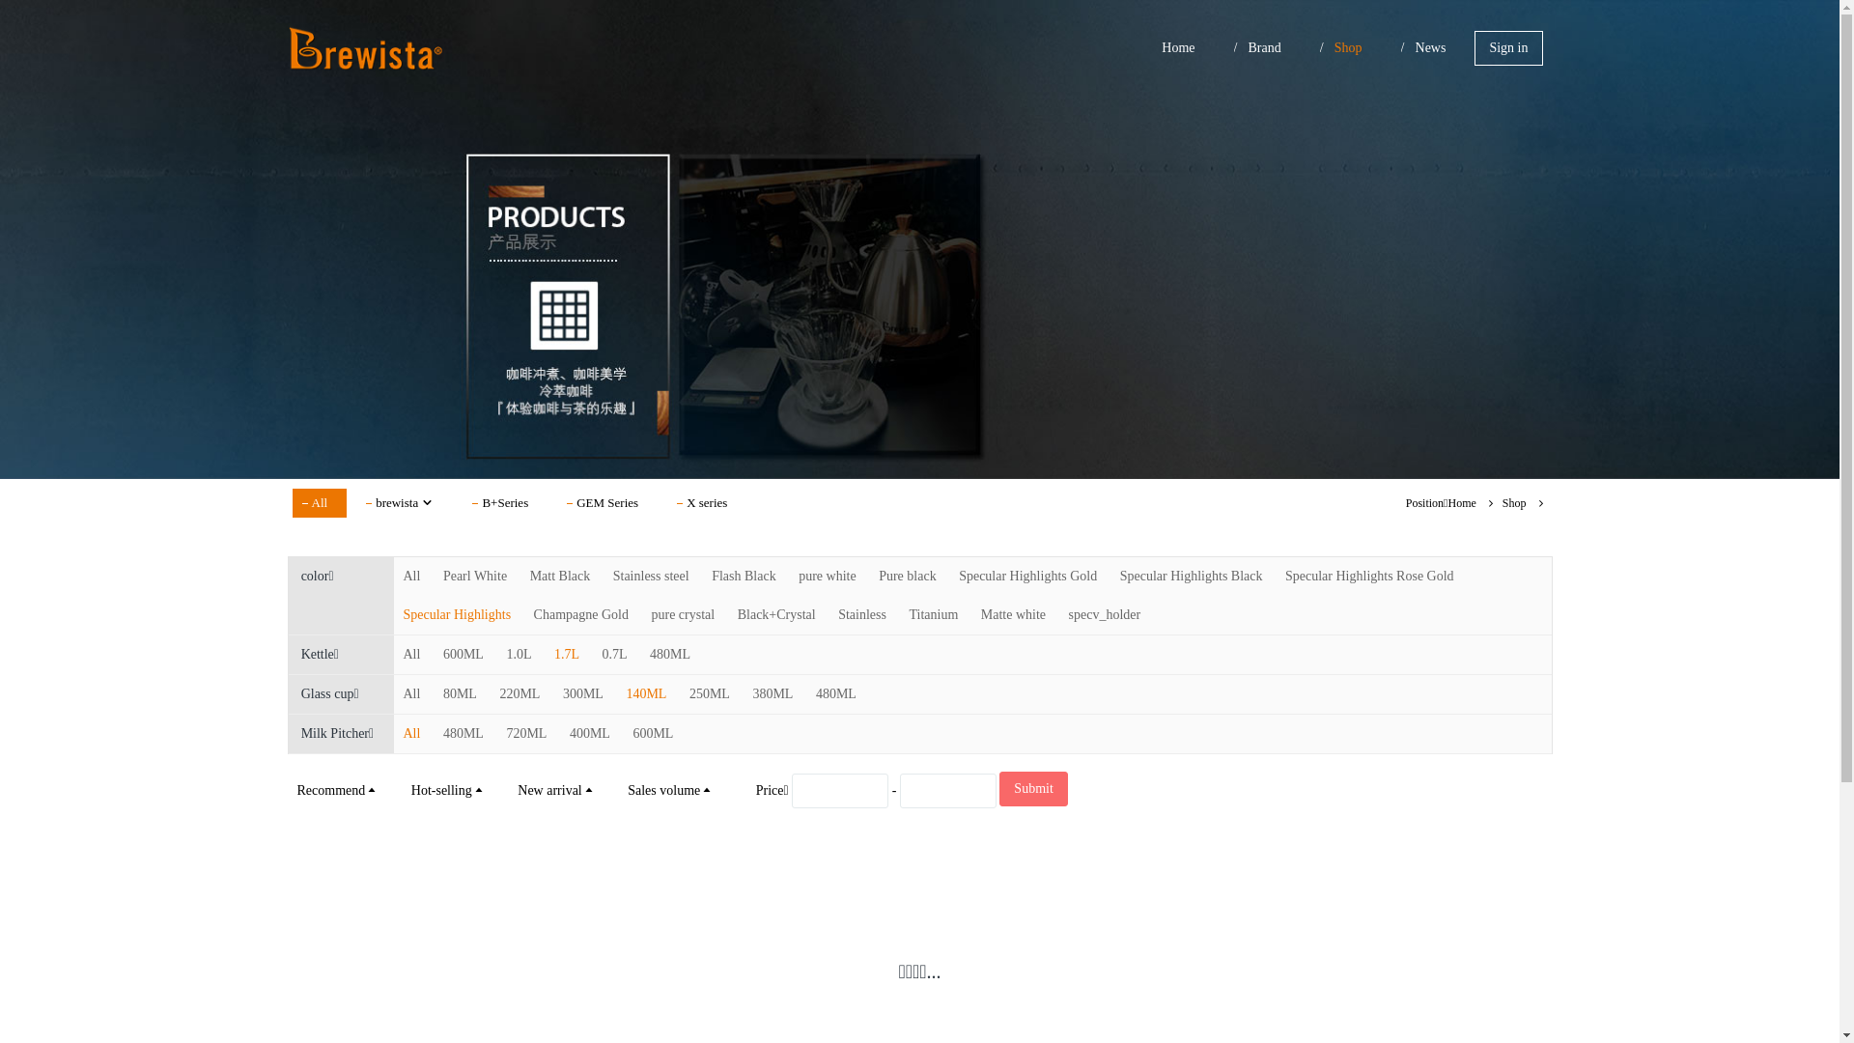 The width and height of the screenshot is (1854, 1043). What do you see at coordinates (860, 614) in the screenshot?
I see `'Stainless'` at bounding box center [860, 614].